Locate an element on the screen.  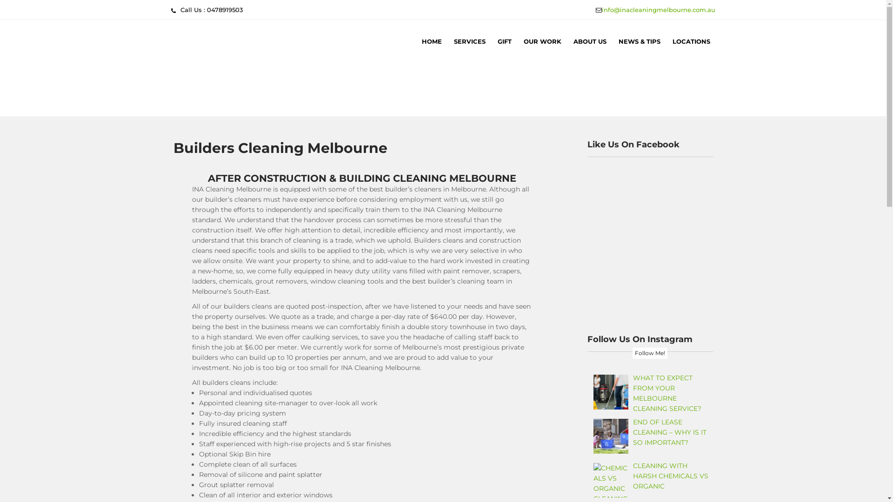
'NEWS & TIPS' is located at coordinates (638, 40).